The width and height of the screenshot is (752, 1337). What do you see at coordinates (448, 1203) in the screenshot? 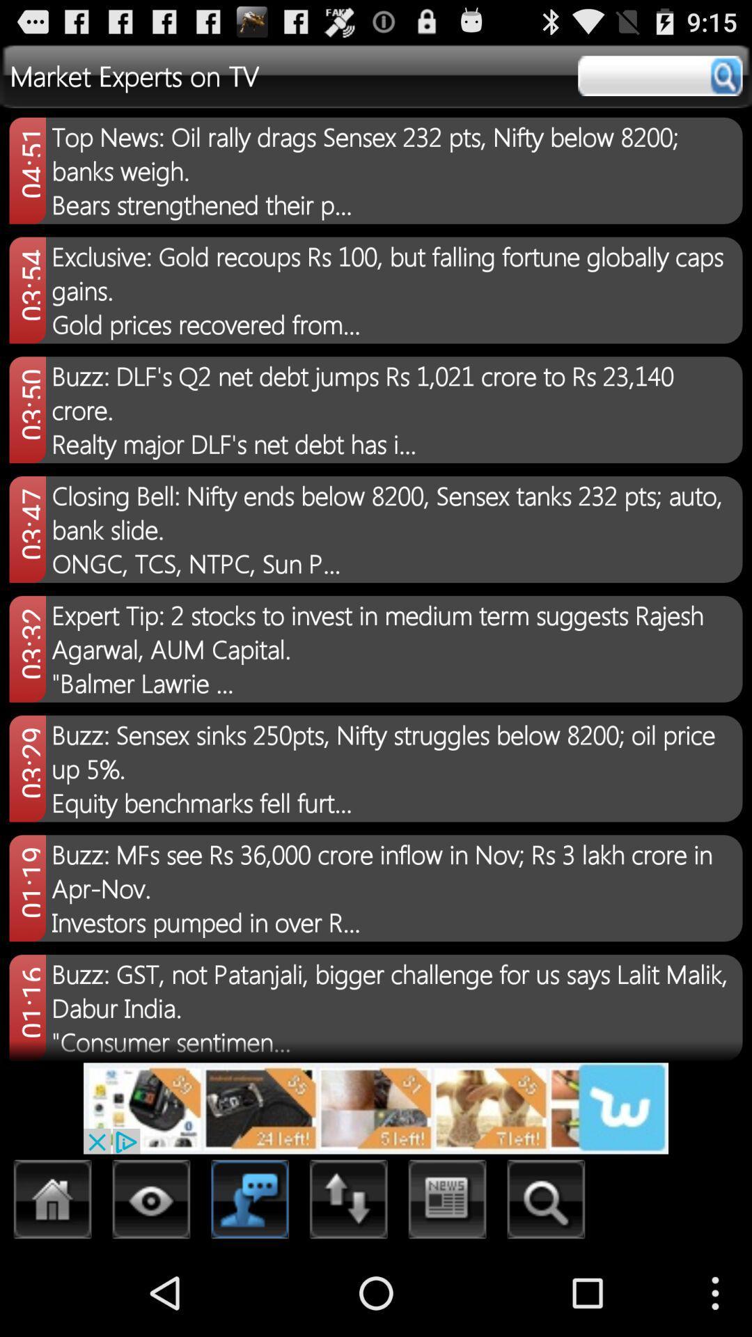
I see `news option` at bounding box center [448, 1203].